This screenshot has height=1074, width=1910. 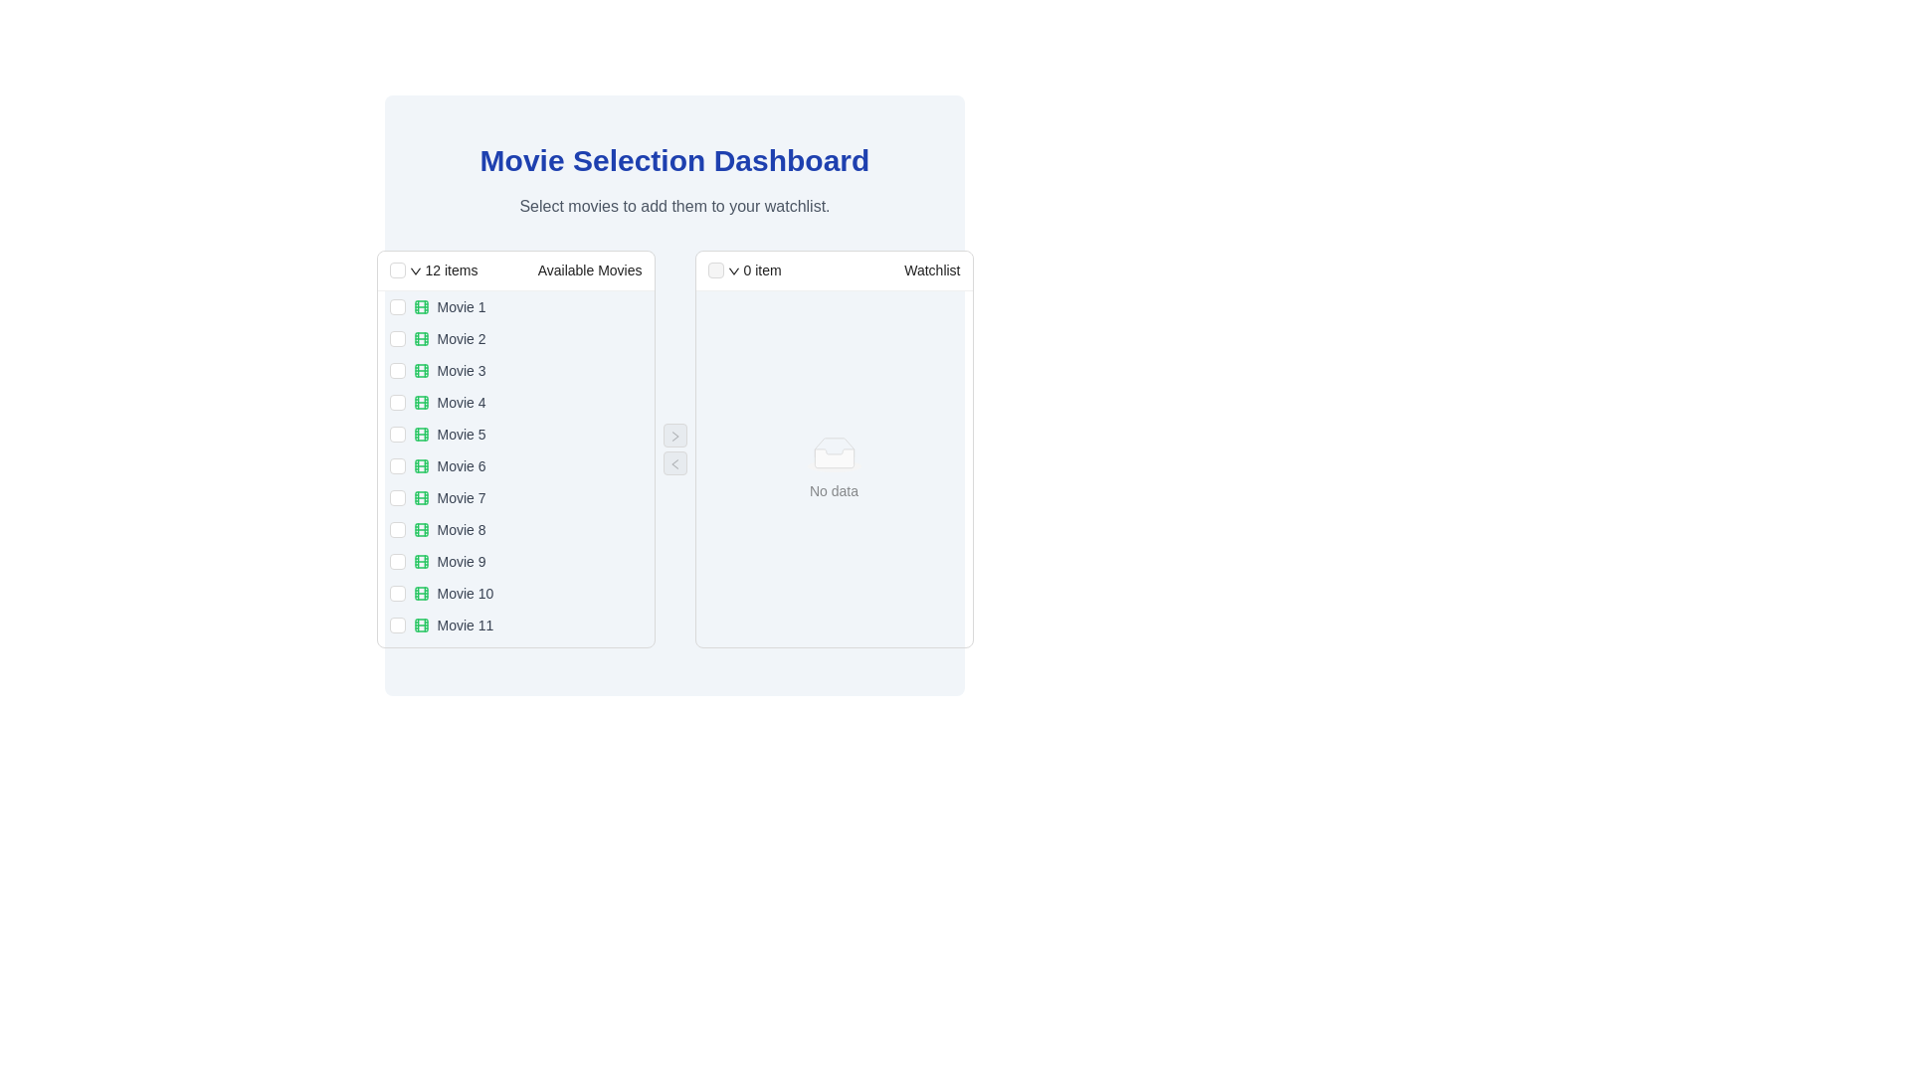 What do you see at coordinates (420, 466) in the screenshot?
I see `the movie icon located to the left of the text 'Movie 6' in the 'Available Movies' list` at bounding box center [420, 466].